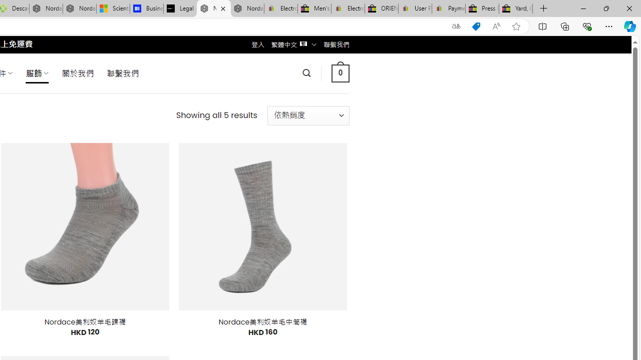 Image resolution: width=641 pixels, height=360 pixels. I want to click on 'User Privacy Notice | eBay', so click(415, 8).